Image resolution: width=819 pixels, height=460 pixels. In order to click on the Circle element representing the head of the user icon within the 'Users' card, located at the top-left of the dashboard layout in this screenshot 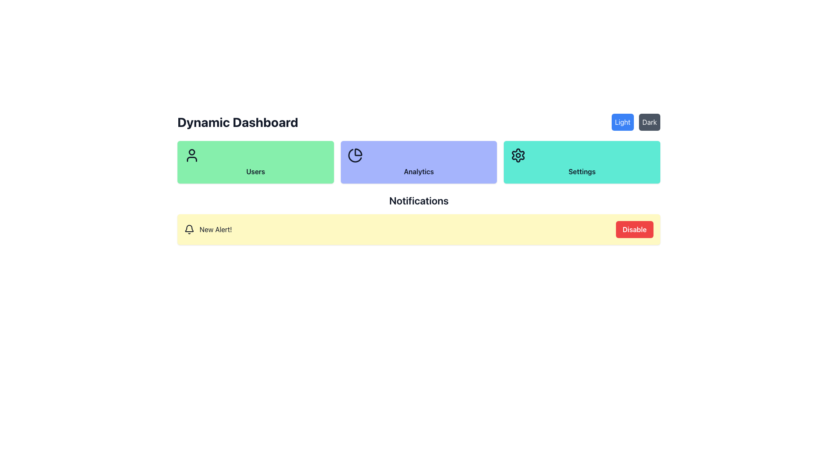, I will do `click(192, 152)`.